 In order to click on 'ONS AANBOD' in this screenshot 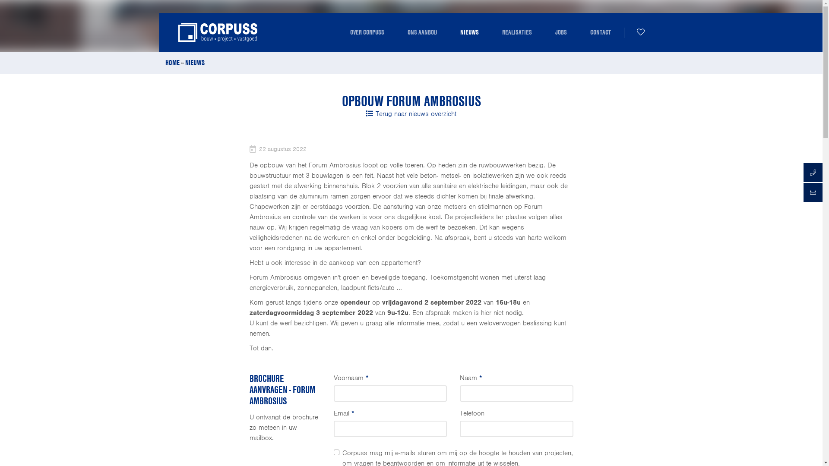, I will do `click(422, 31)`.